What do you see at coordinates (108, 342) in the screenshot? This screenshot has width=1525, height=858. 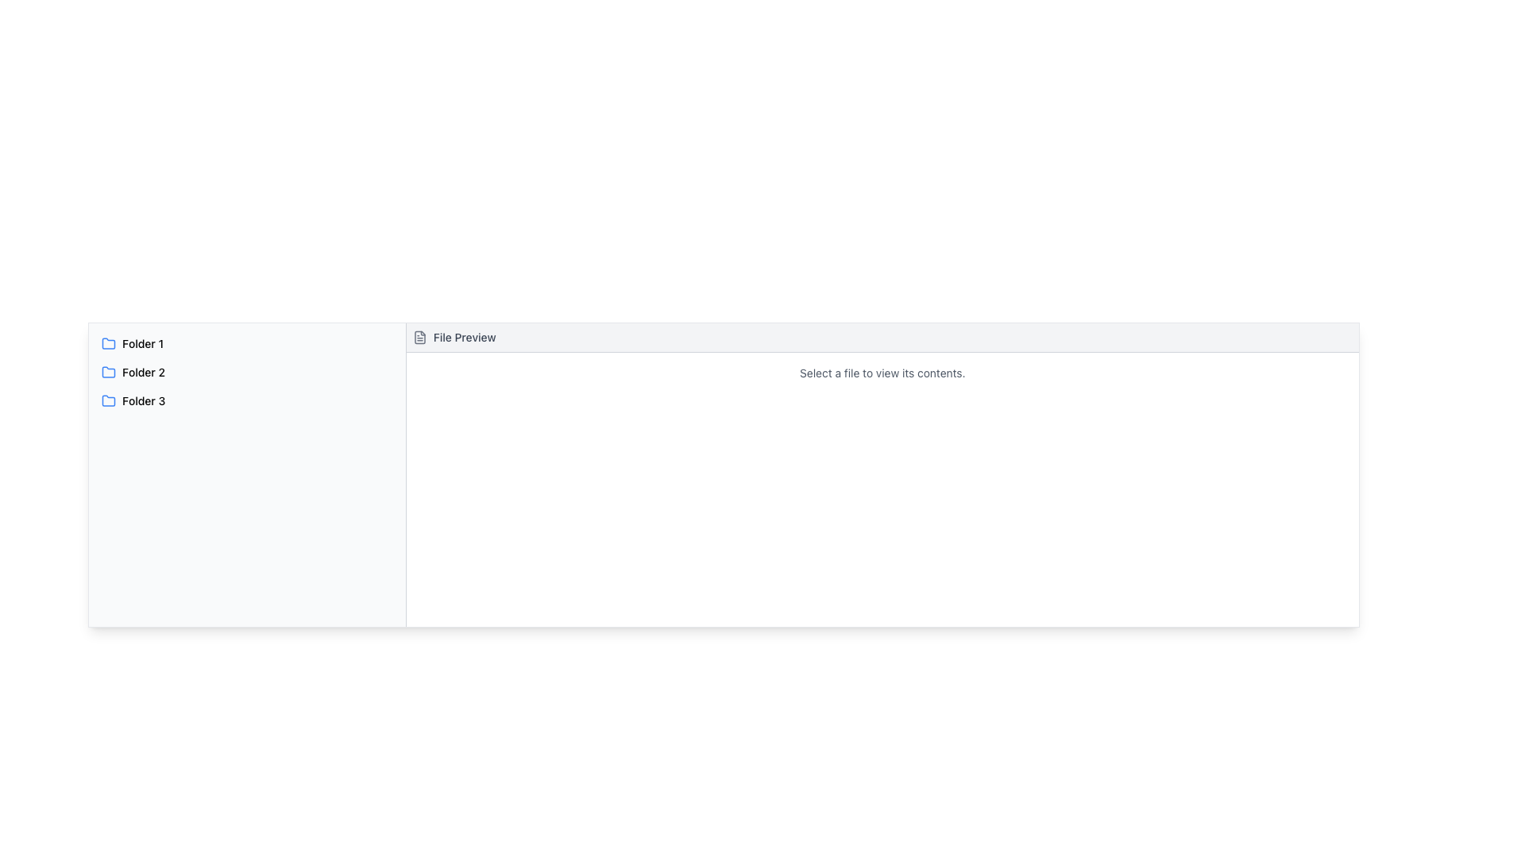 I see `the folder icon located to the left of the text label 'Folder 1' in the vertically arranged list of folders in the left panel` at bounding box center [108, 342].